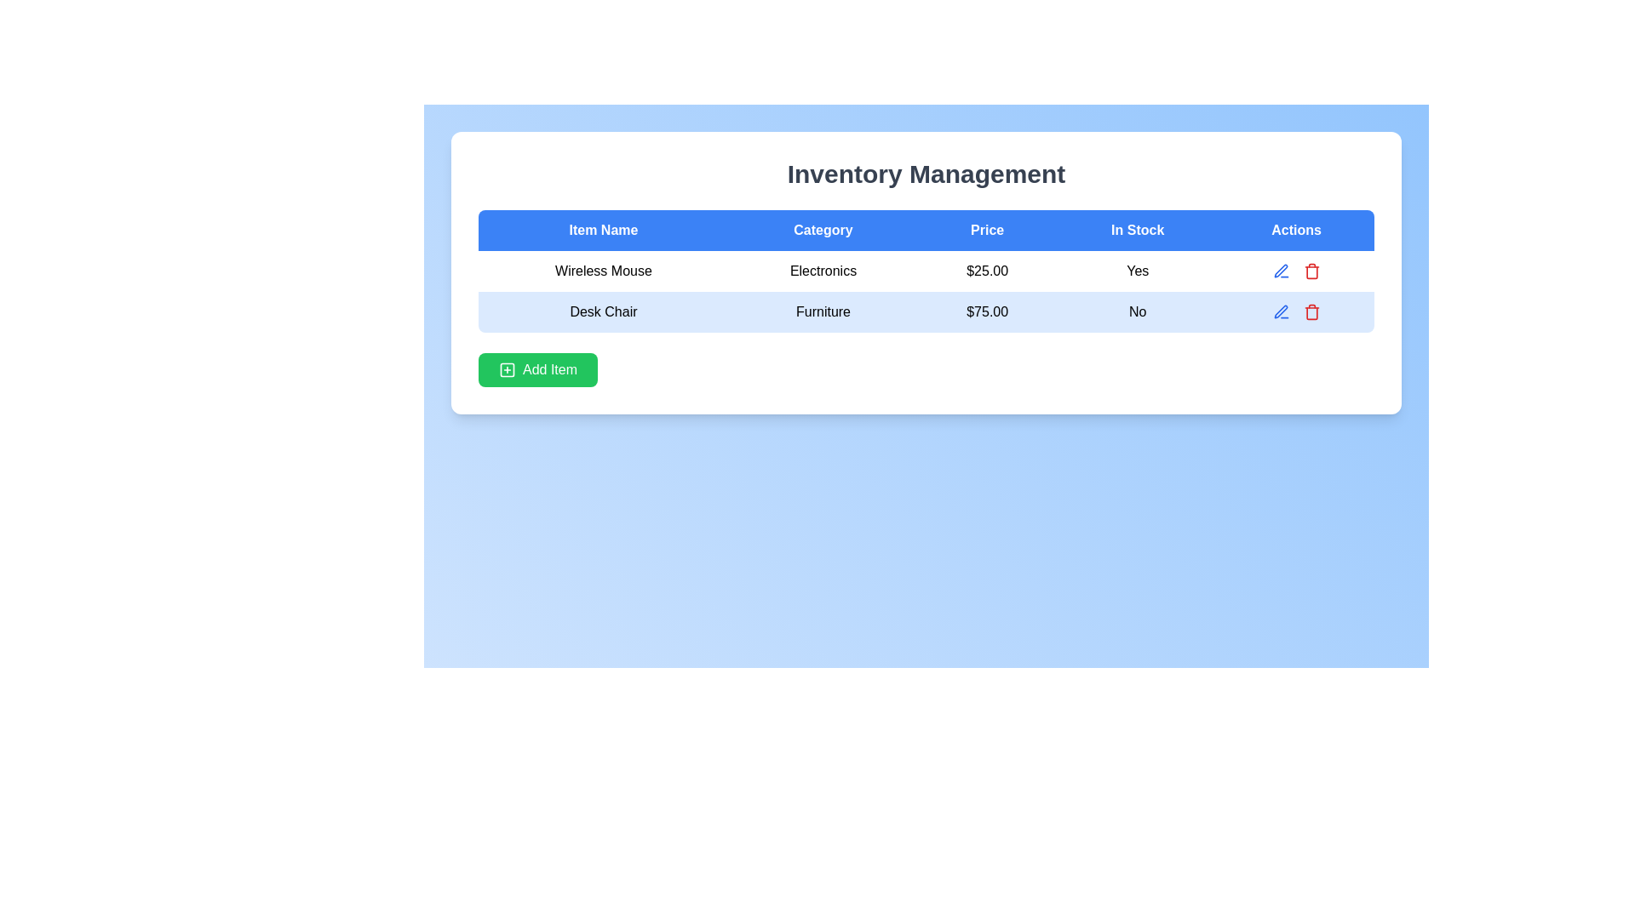 This screenshot has width=1635, height=919. Describe the element at coordinates (1295, 311) in the screenshot. I see `the delete icon in the last cell of the second row under the 'Actions' column for the 'Desk Chair' item` at that location.